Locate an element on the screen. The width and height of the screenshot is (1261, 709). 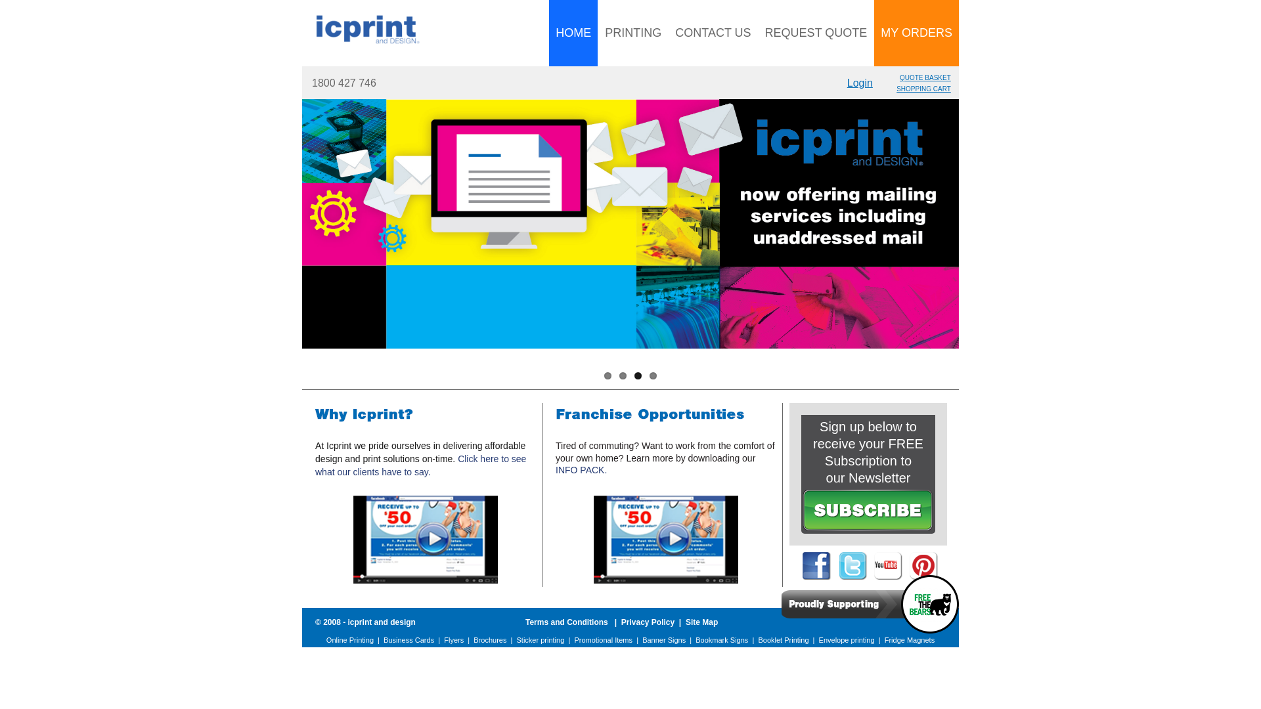
'Online Printing' is located at coordinates (349, 639).